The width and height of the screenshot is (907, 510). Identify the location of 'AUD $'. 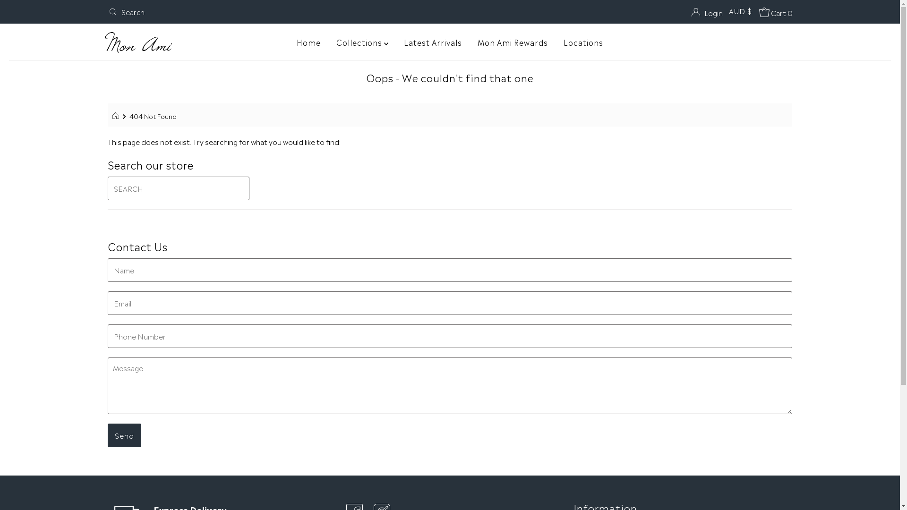
(740, 11).